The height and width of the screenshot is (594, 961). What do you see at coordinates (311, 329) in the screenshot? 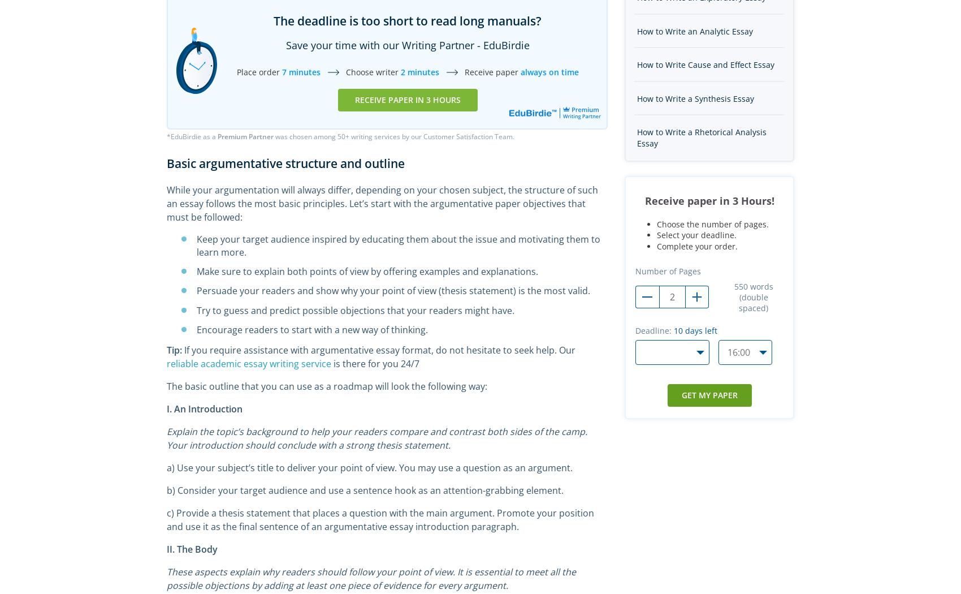
I see `'Encourage readers to start with a new way of thinking.'` at bounding box center [311, 329].